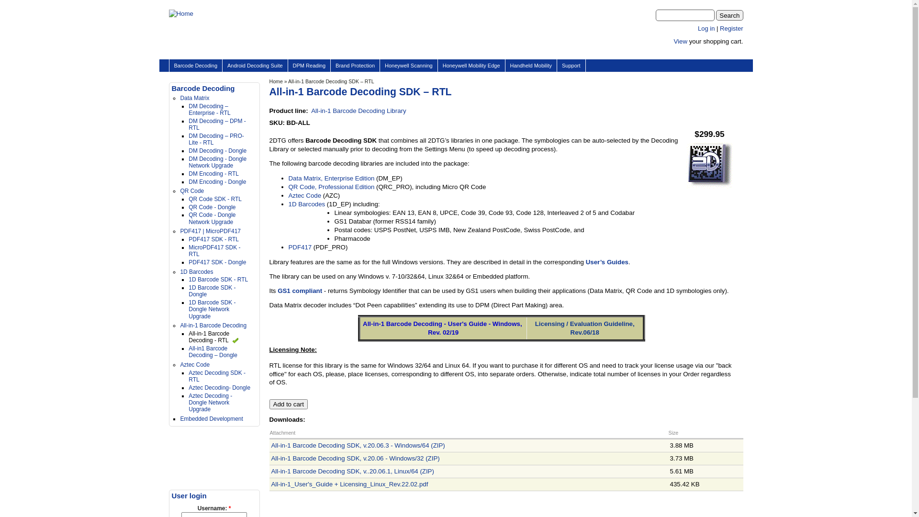  I want to click on 'Enter the terms you wish to search for.', so click(684, 15).